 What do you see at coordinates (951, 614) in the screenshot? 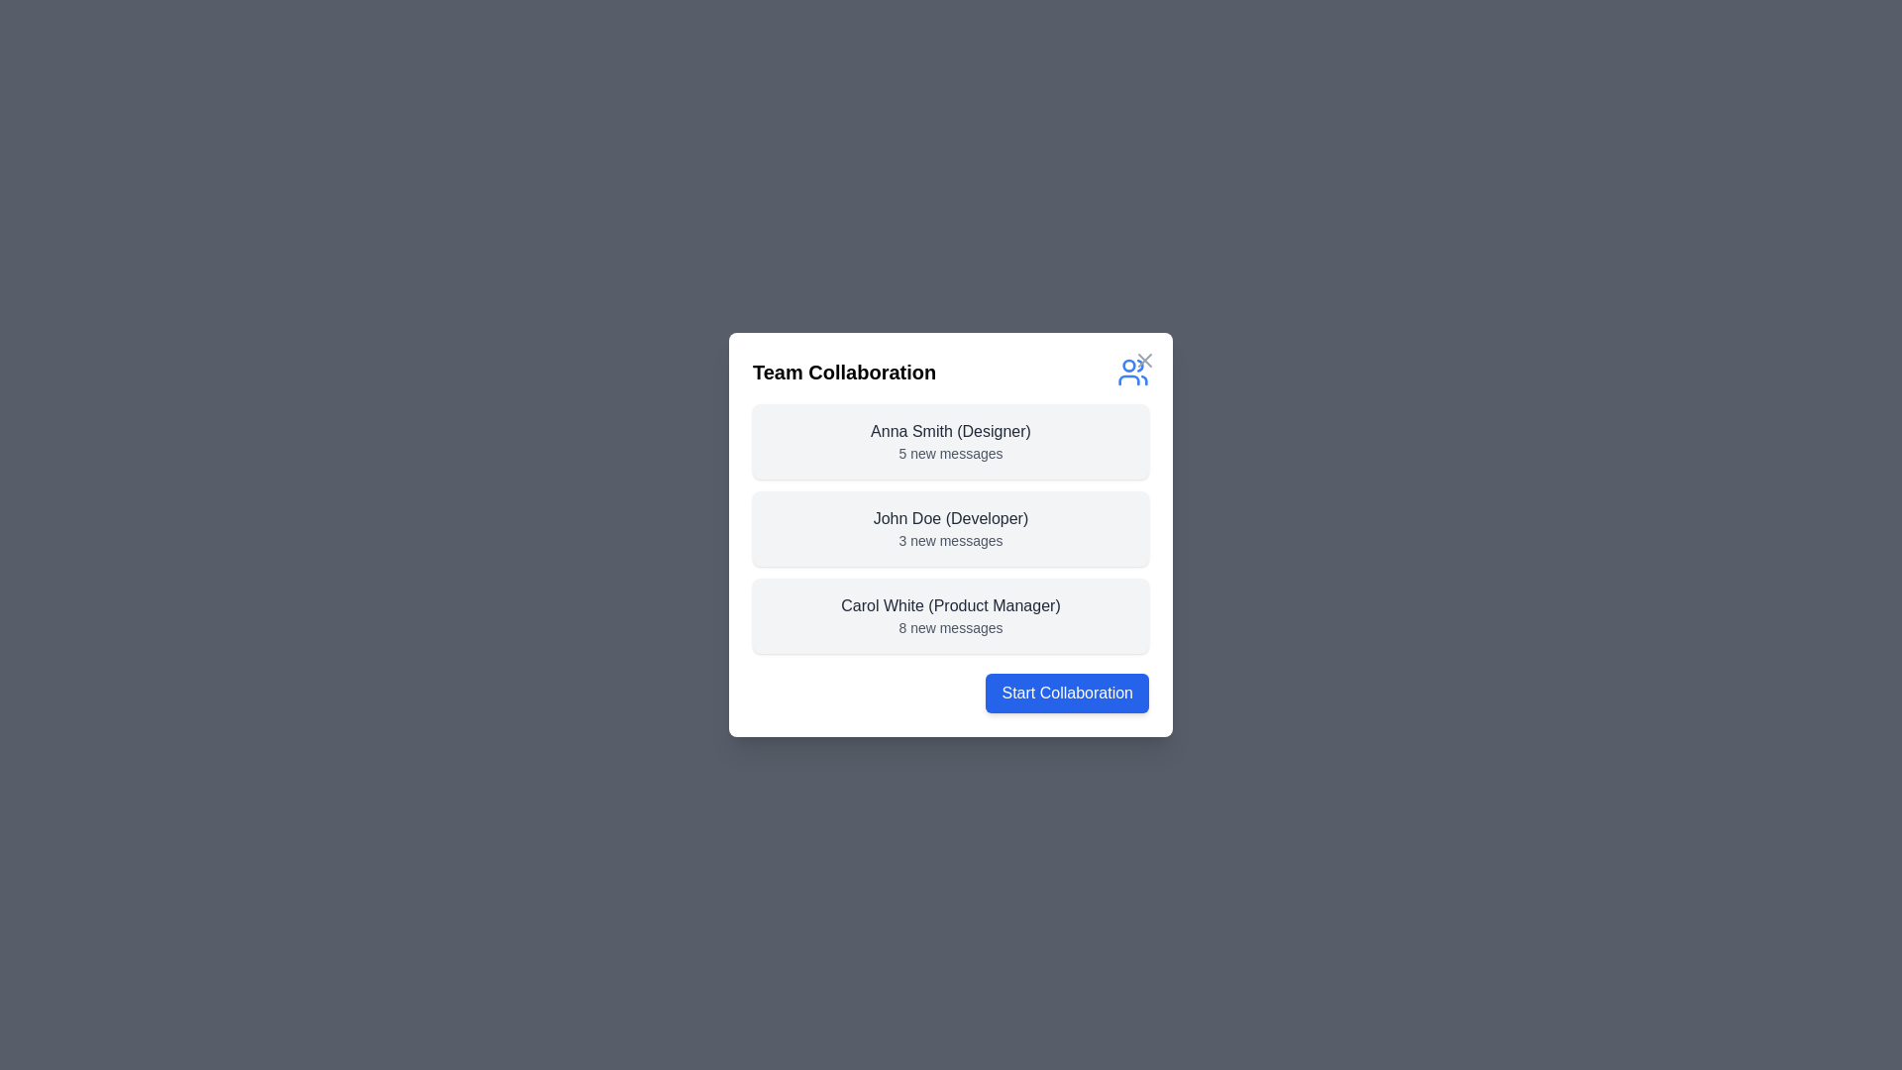
I see `the team member entry corresponding to Carol White to view their details` at bounding box center [951, 614].